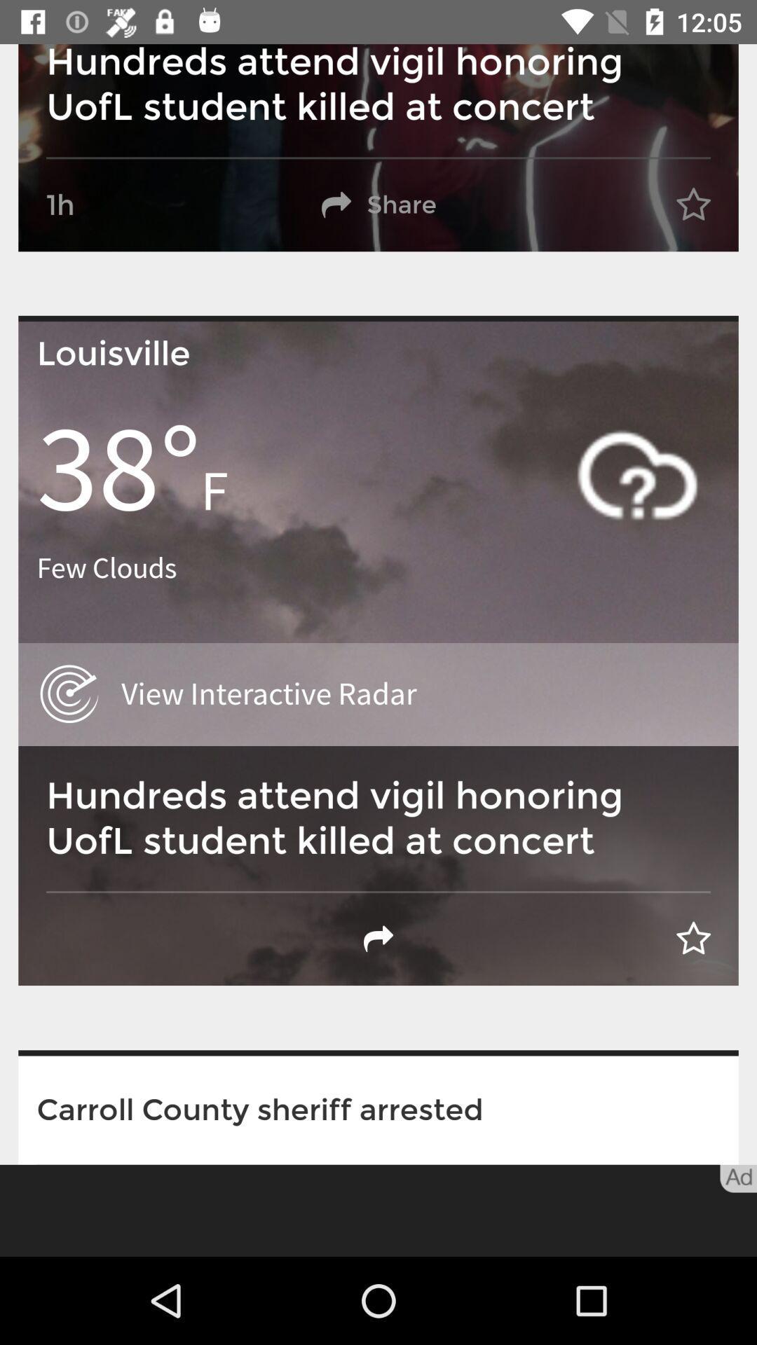 This screenshot has height=1345, width=757. Describe the element at coordinates (378, 652) in the screenshot. I see `tap on the second image from top` at that location.